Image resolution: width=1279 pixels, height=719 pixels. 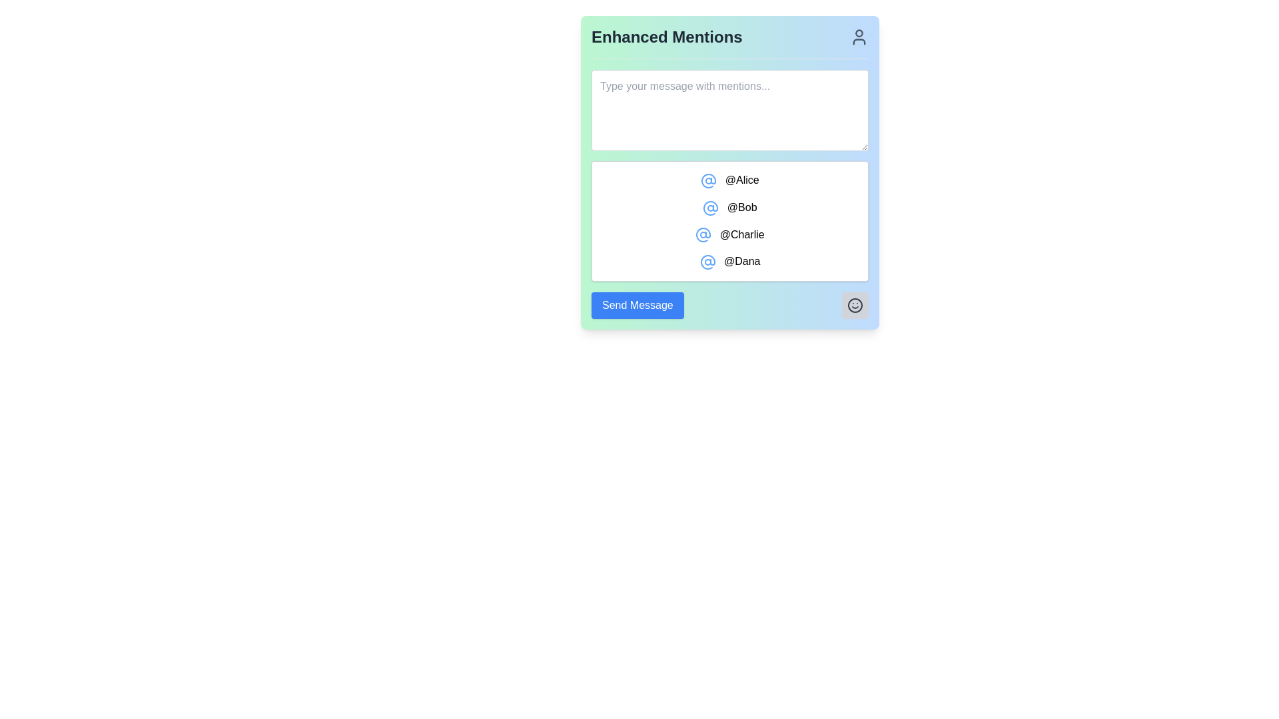 What do you see at coordinates (710, 208) in the screenshot?
I see `the '@' icon that visually supports the mention feature, positioned to the left of the clickable text '@Bob'` at bounding box center [710, 208].